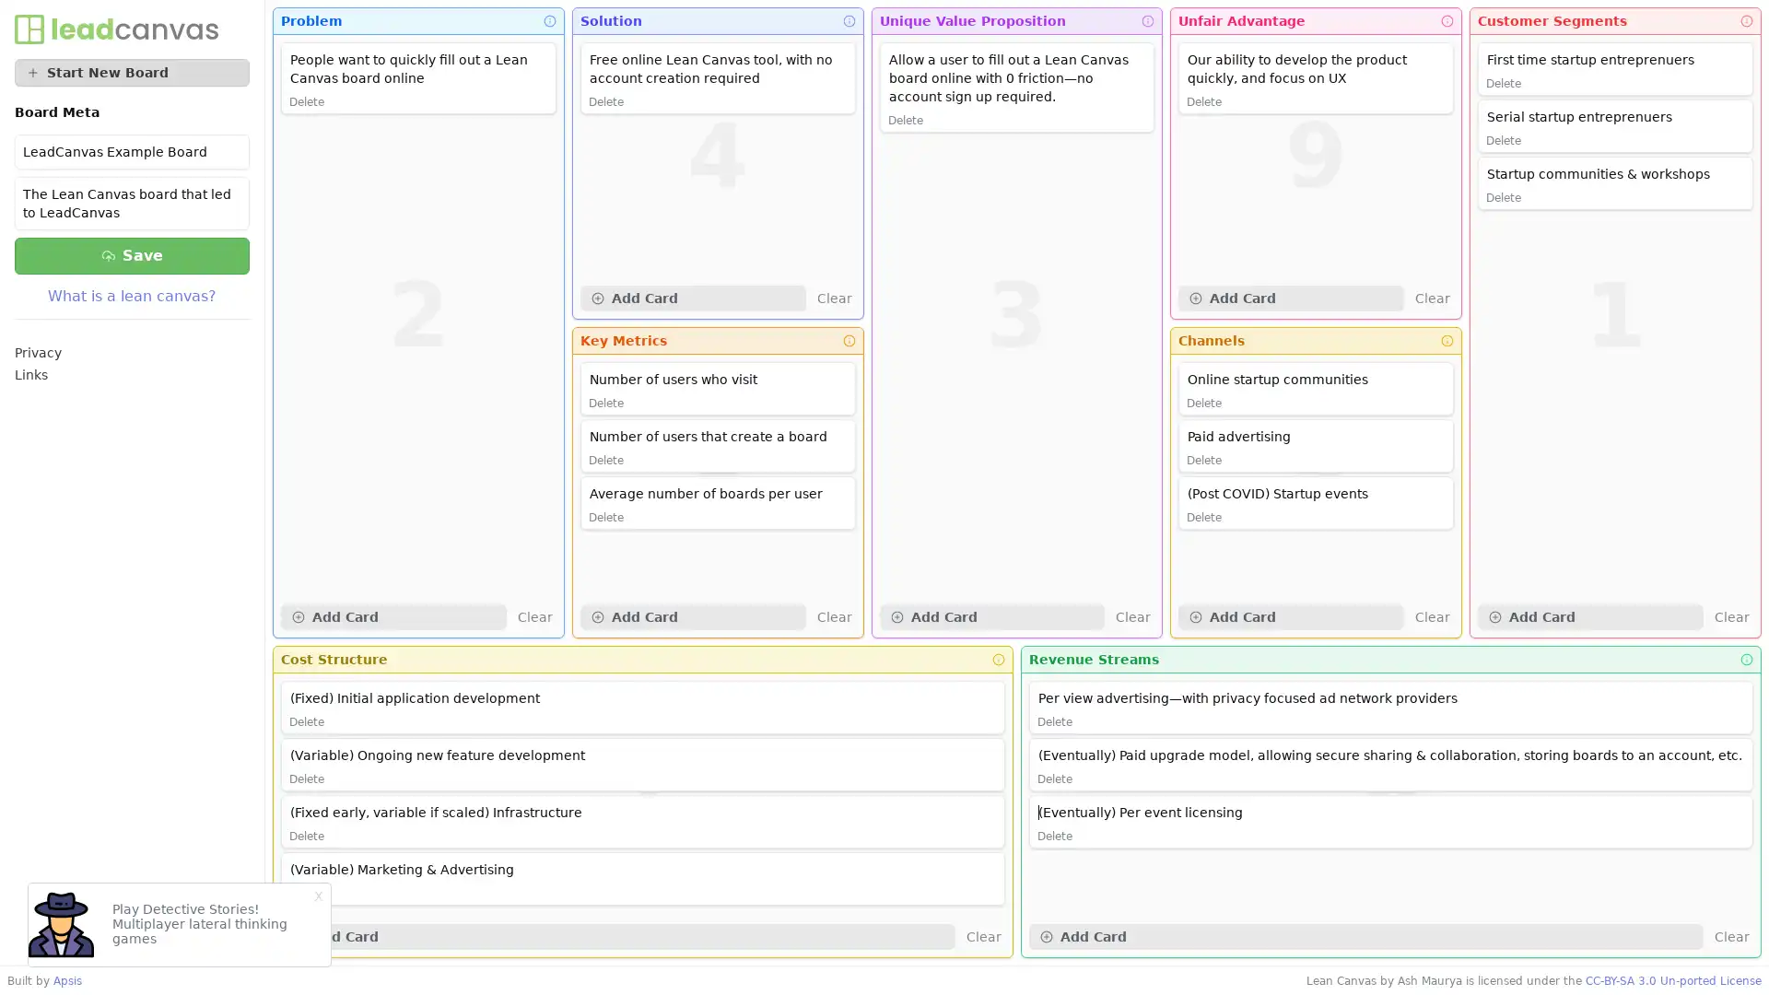  I want to click on Delete, so click(1504, 198).